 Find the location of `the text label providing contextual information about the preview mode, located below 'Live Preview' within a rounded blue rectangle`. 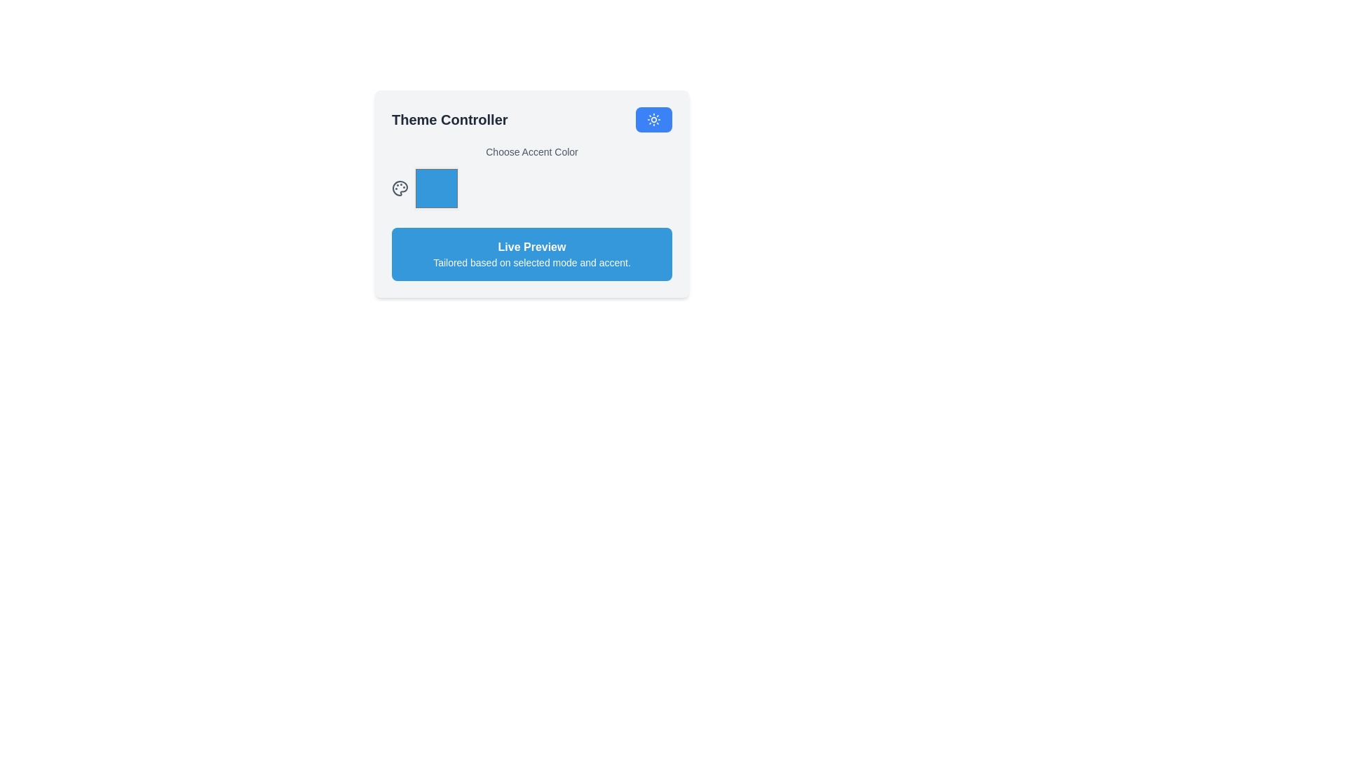

the text label providing contextual information about the preview mode, located below 'Live Preview' within a rounded blue rectangle is located at coordinates (531, 262).